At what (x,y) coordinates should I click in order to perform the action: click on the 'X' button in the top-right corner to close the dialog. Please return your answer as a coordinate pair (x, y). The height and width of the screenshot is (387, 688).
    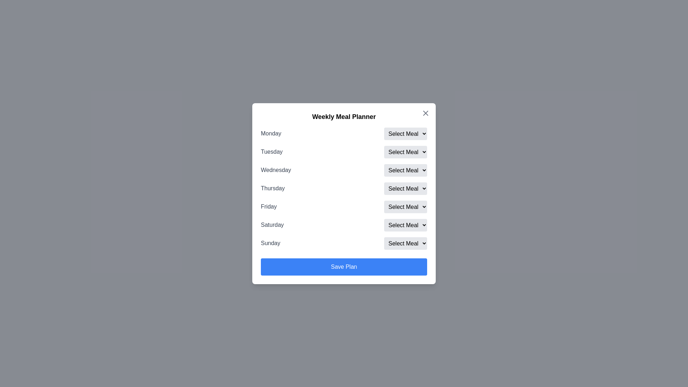
    Looking at the image, I should click on (426, 113).